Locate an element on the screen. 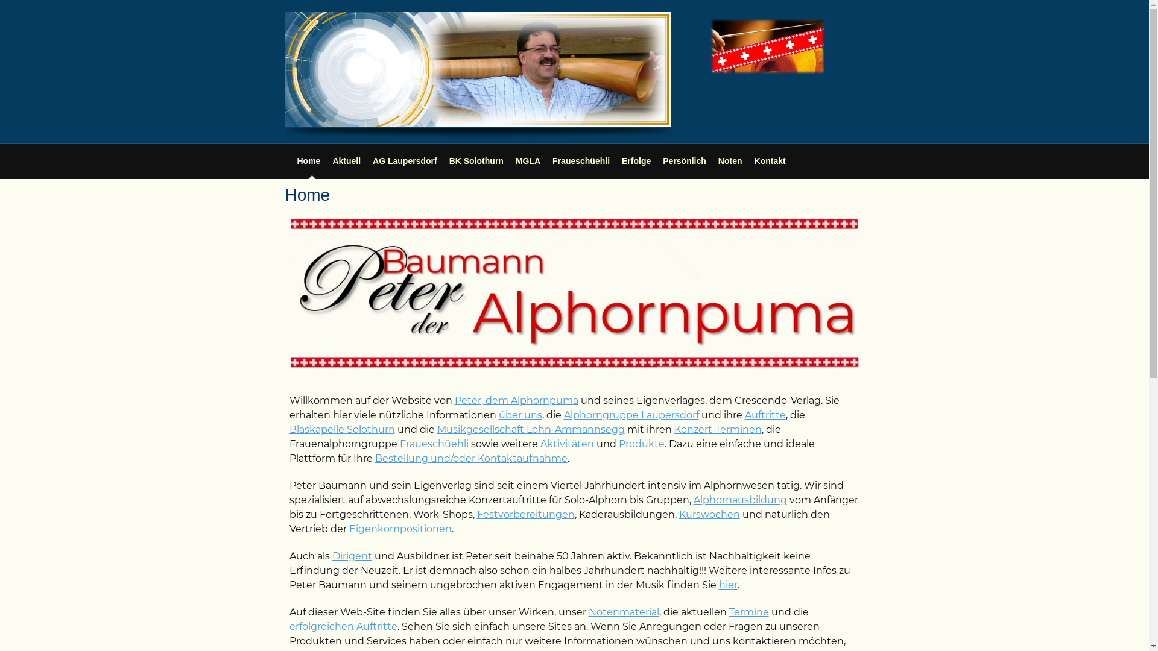 Image resolution: width=1158 pixels, height=651 pixels. 'Erfolge' is located at coordinates (622, 160).